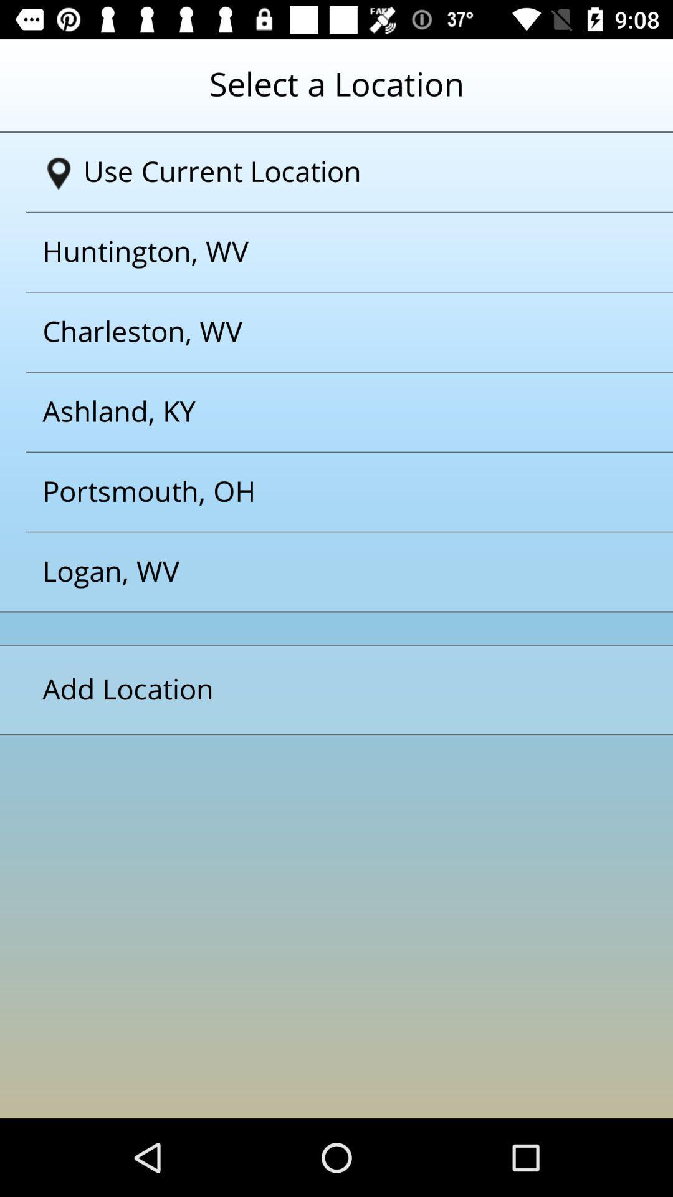 The width and height of the screenshot is (673, 1197). I want to click on text use current location, so click(341, 171).